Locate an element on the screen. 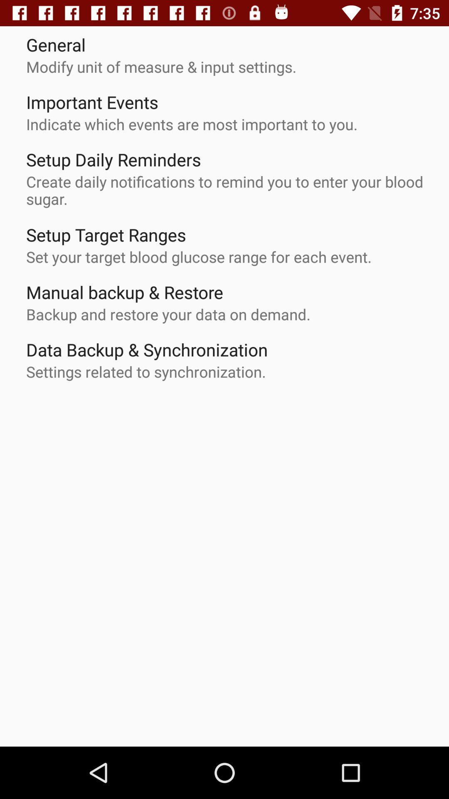 The width and height of the screenshot is (449, 799). modify unit of icon is located at coordinates (161, 67).